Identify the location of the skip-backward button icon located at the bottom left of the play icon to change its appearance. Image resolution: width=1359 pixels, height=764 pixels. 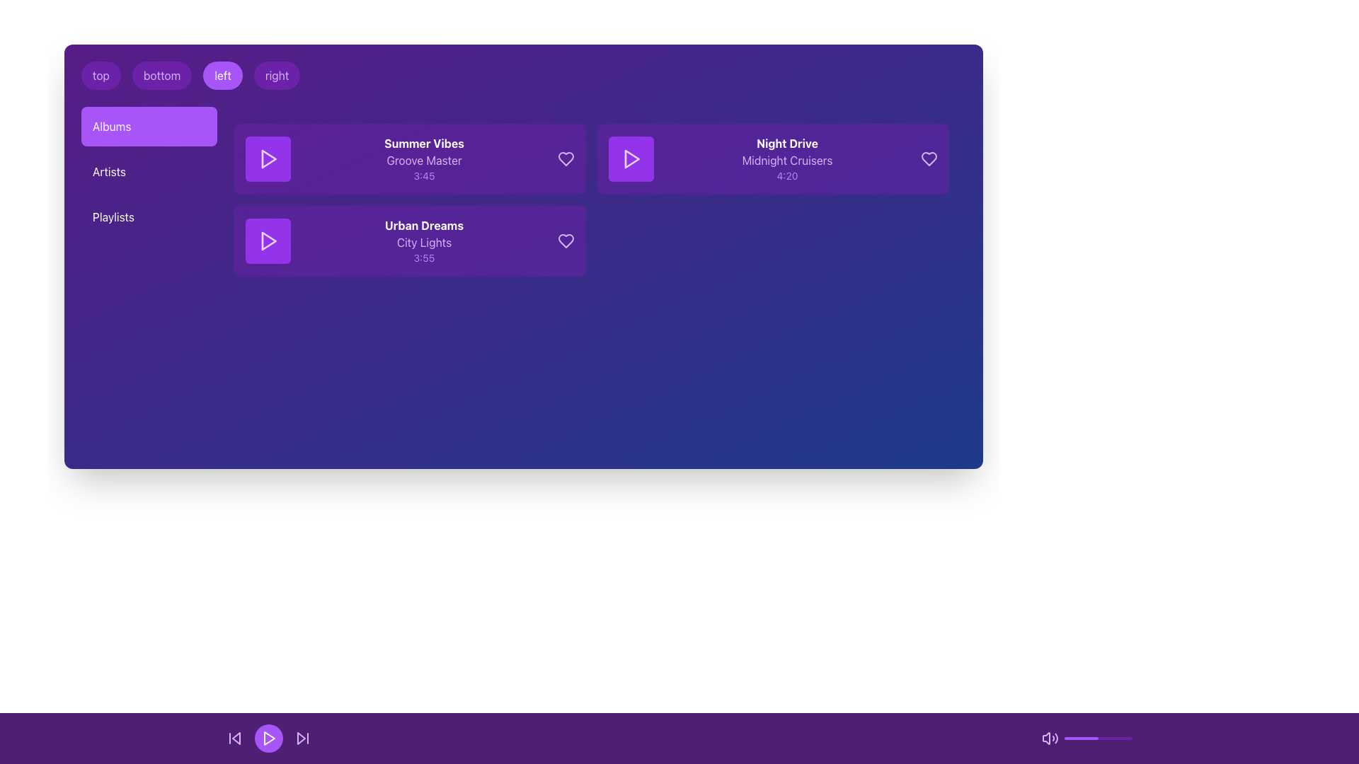
(234, 738).